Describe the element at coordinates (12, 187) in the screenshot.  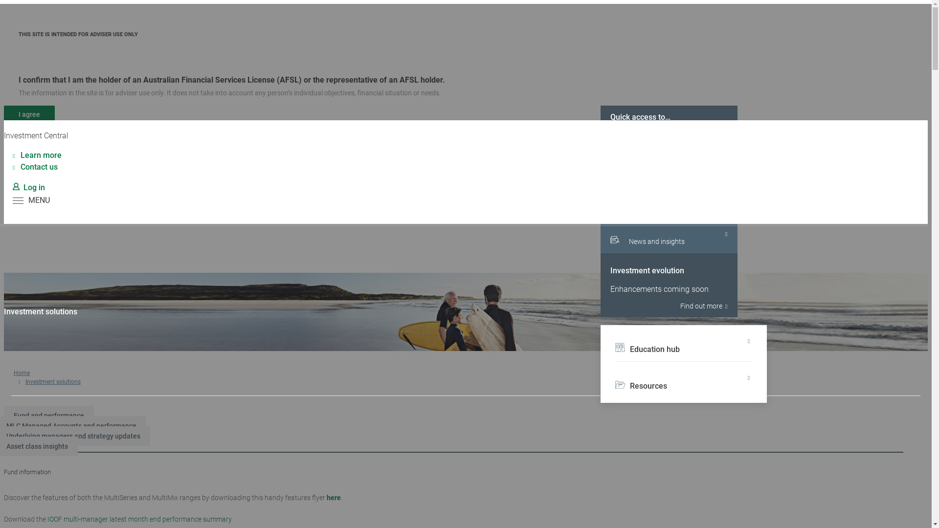
I see `'Log in'` at that location.